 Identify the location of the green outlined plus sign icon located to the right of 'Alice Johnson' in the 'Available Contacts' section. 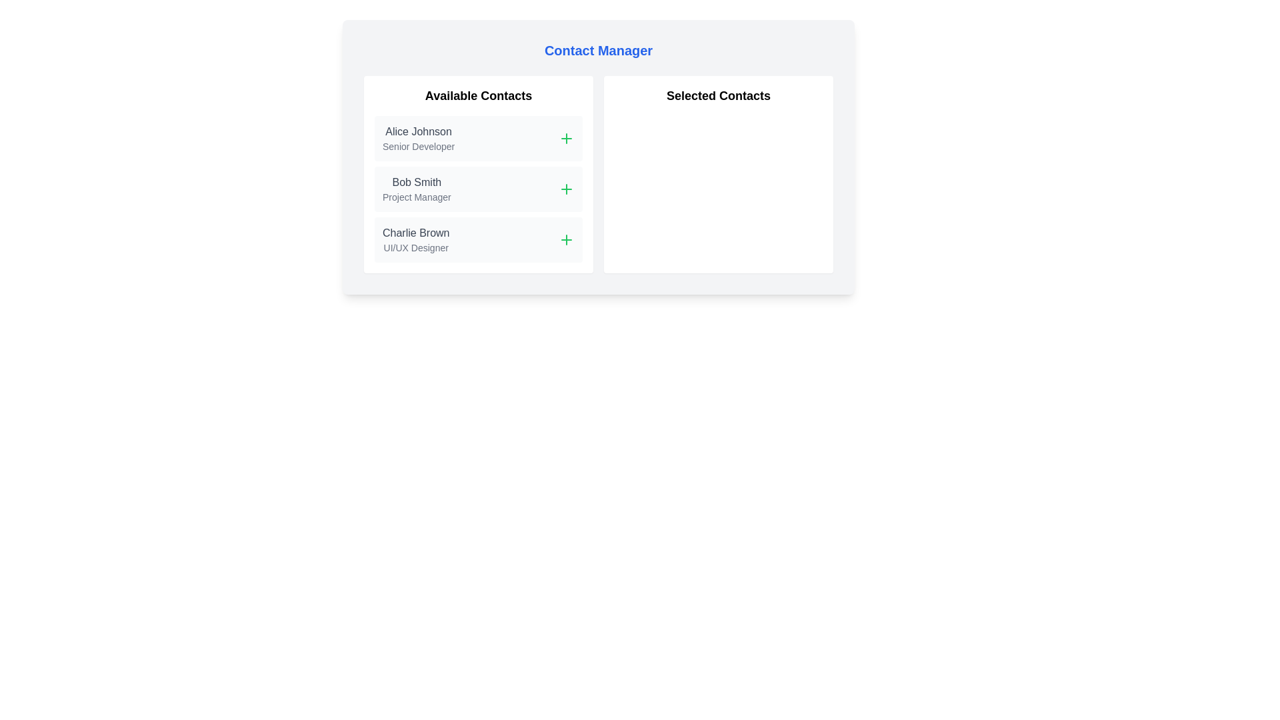
(566, 139).